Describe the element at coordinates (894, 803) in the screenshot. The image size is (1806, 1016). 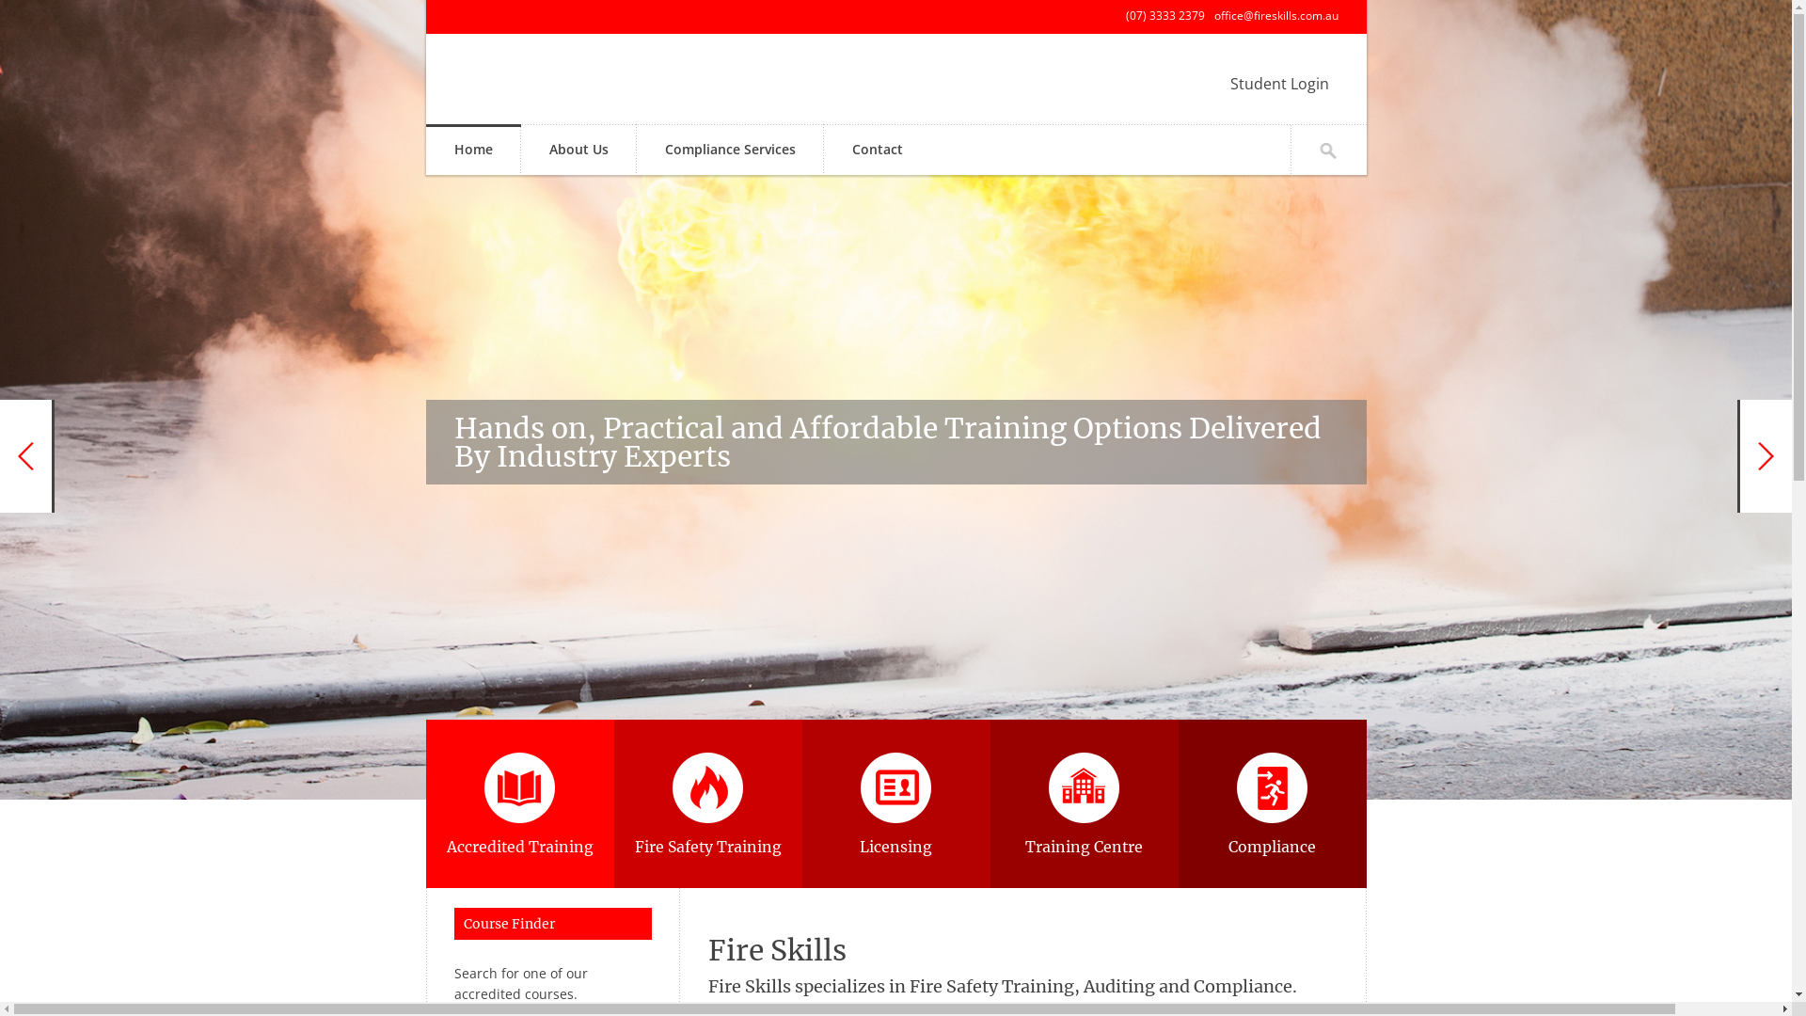
I see `'Licensing'` at that location.